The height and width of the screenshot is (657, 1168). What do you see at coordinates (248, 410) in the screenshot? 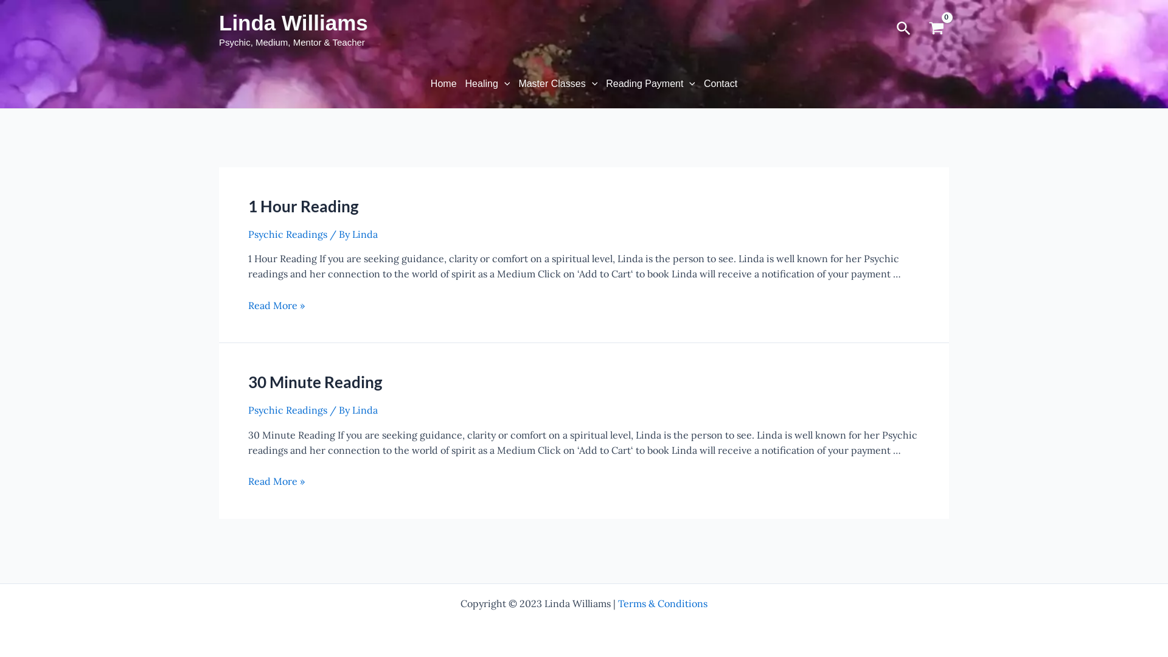
I see `'Psychic Readings'` at bounding box center [248, 410].